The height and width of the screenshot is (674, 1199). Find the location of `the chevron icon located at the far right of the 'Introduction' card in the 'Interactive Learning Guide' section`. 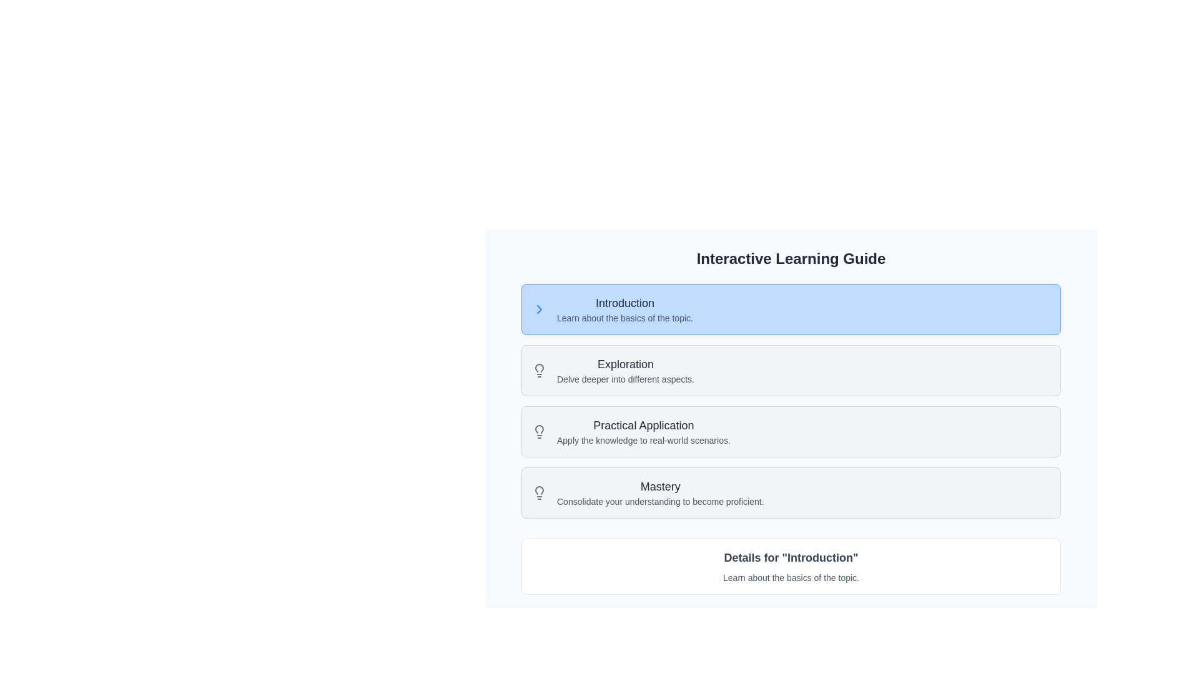

the chevron icon located at the far right of the 'Introduction' card in the 'Interactive Learning Guide' section is located at coordinates (540, 309).